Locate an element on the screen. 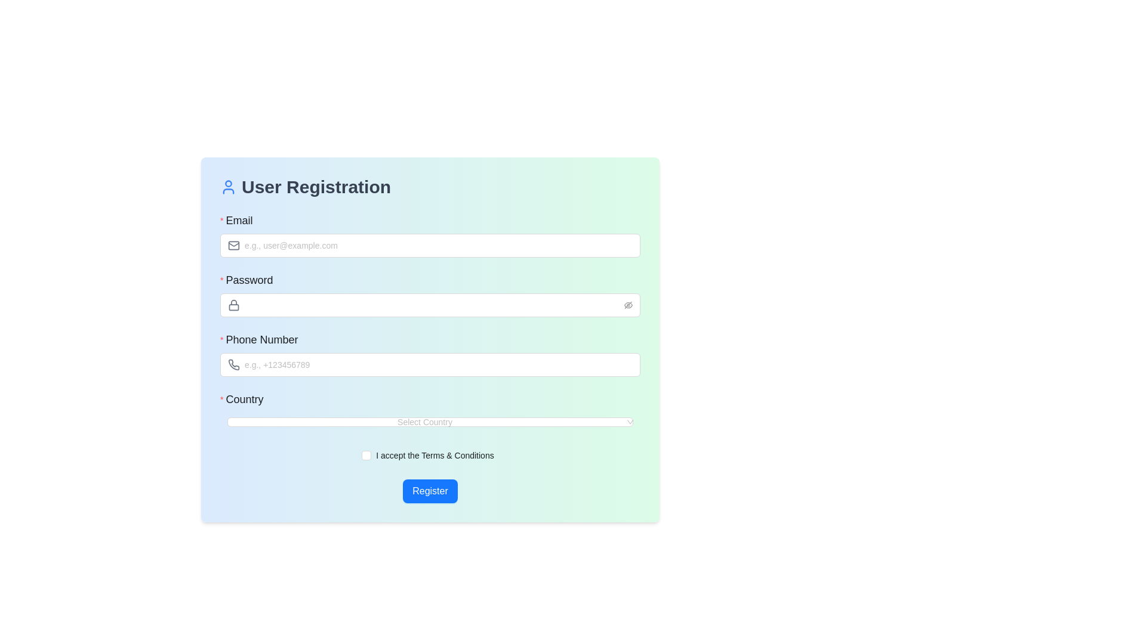  the decorative lock icon indicating the 'Password' input field, located beneath the 'Email' field and above the 'Phone Number' field is located at coordinates (235, 305).